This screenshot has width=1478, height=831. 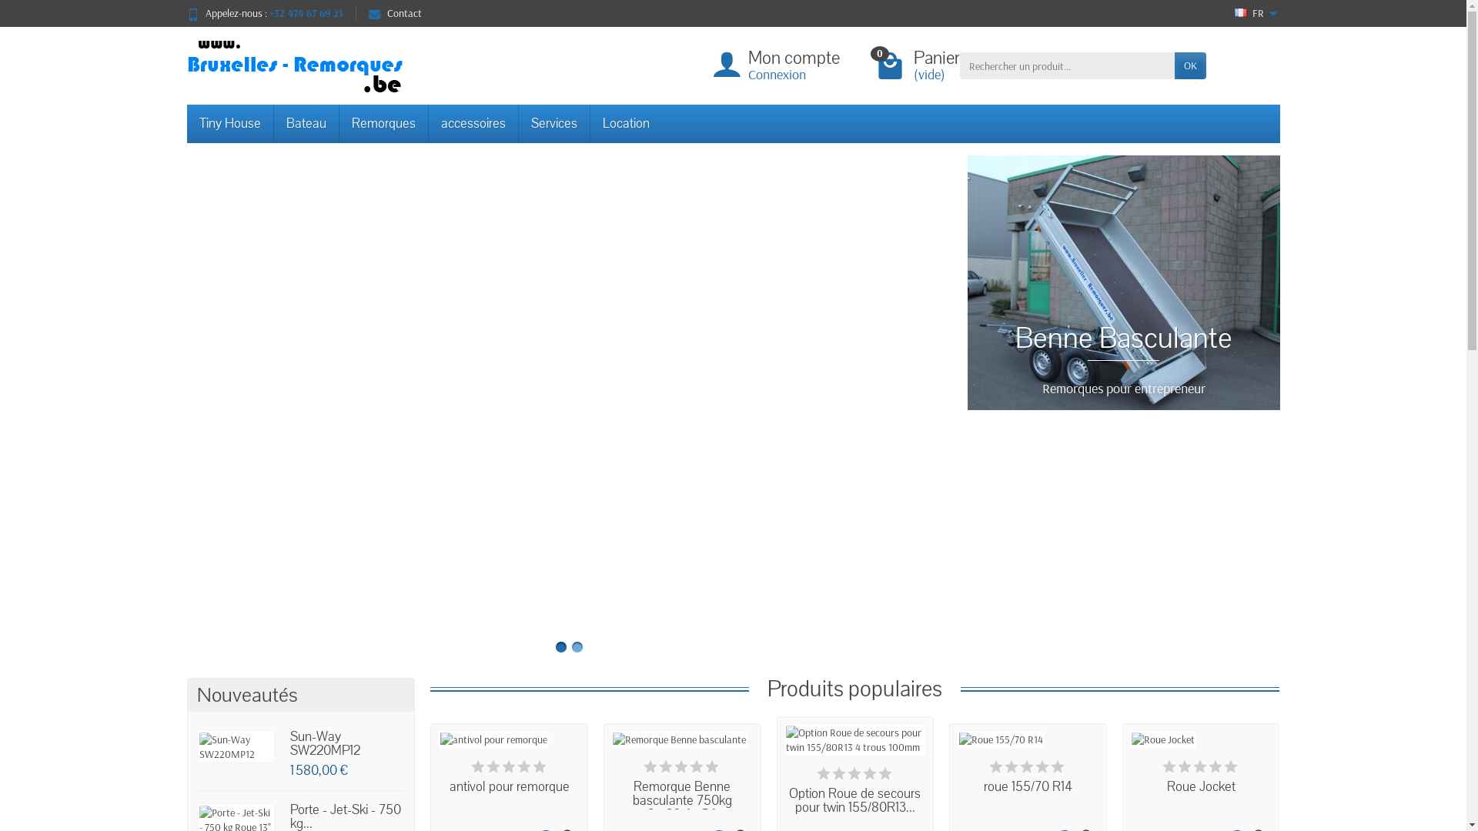 What do you see at coordinates (1028, 786) in the screenshot?
I see `'roue 155/70 R14'` at bounding box center [1028, 786].